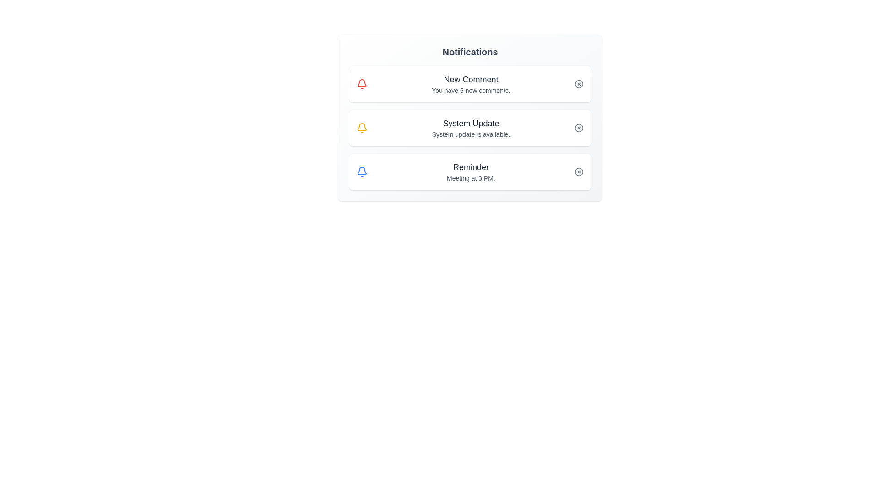 The height and width of the screenshot is (494, 879). What do you see at coordinates (471, 90) in the screenshot?
I see `text content of the text label stating 'You have 5 new comments.' located below the title 'New Comment' in the first notification entry` at bounding box center [471, 90].